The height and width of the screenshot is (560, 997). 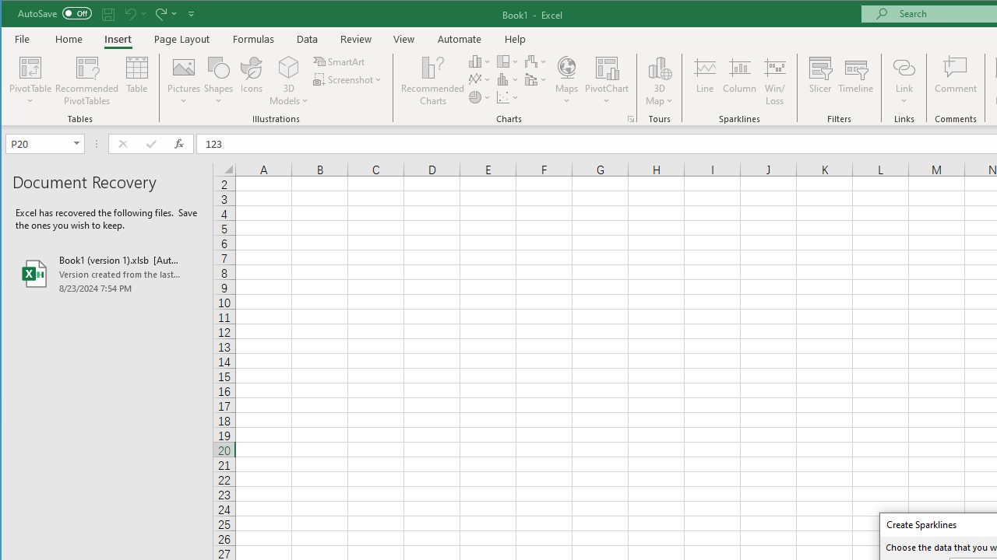 What do you see at coordinates (955, 81) in the screenshot?
I see `'Comment'` at bounding box center [955, 81].